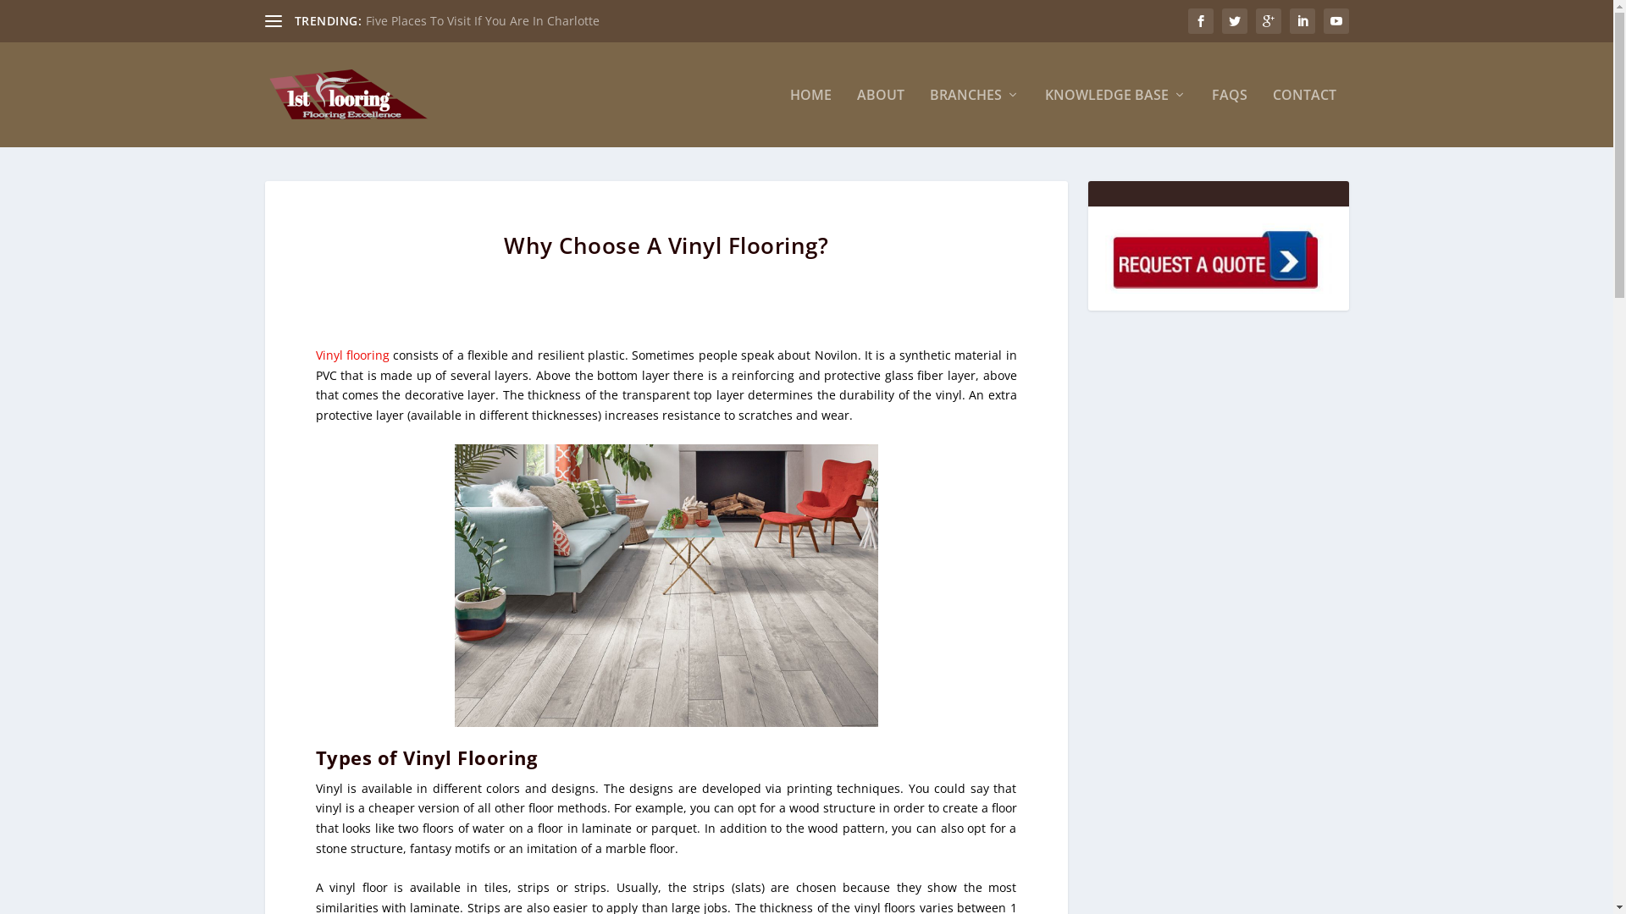 The image size is (1626, 914). What do you see at coordinates (1272, 116) in the screenshot?
I see `'CONTACT'` at bounding box center [1272, 116].